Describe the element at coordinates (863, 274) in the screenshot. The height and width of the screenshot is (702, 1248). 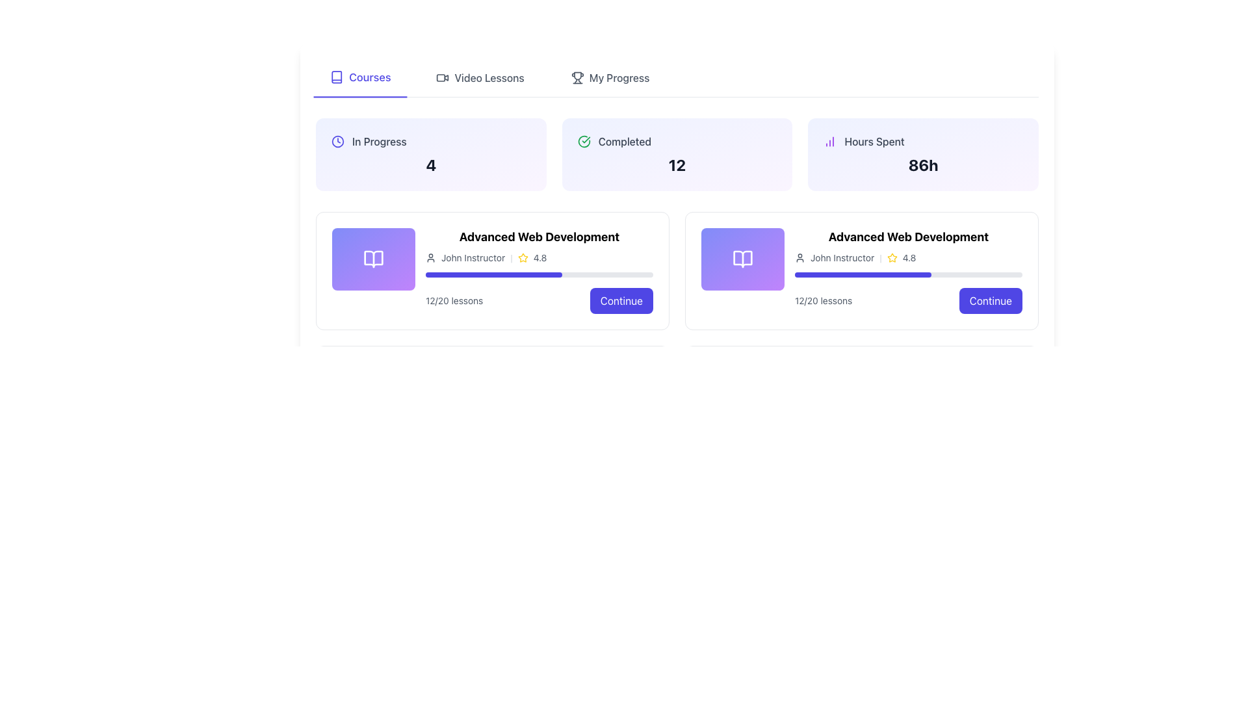
I see `the filled portion of the horizontal progress bar for the 'Advanced Web Development' course, which is purple and extends 60% of the total width` at that location.